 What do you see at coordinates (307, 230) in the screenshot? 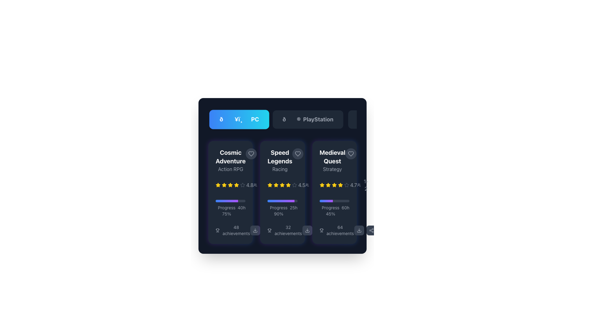
I see `the download button, which is a small circular icon resembling a downward arrow within a rounded rectangle button` at bounding box center [307, 230].